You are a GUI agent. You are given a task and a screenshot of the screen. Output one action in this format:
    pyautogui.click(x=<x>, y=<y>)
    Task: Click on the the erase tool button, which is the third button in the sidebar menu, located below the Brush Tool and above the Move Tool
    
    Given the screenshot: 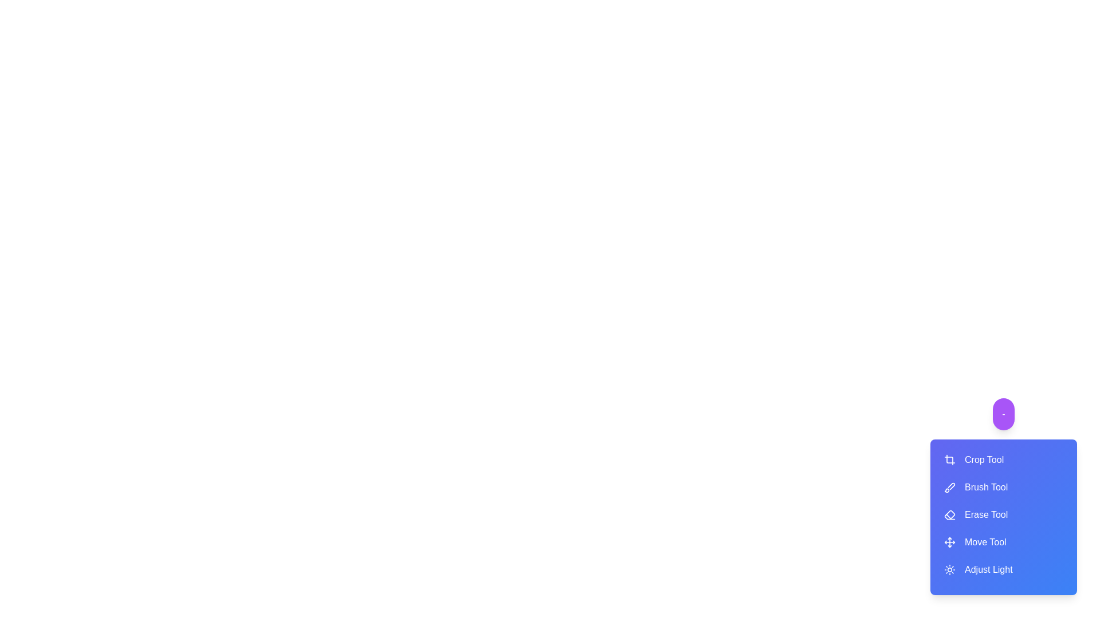 What is the action you would take?
    pyautogui.click(x=1003, y=514)
    